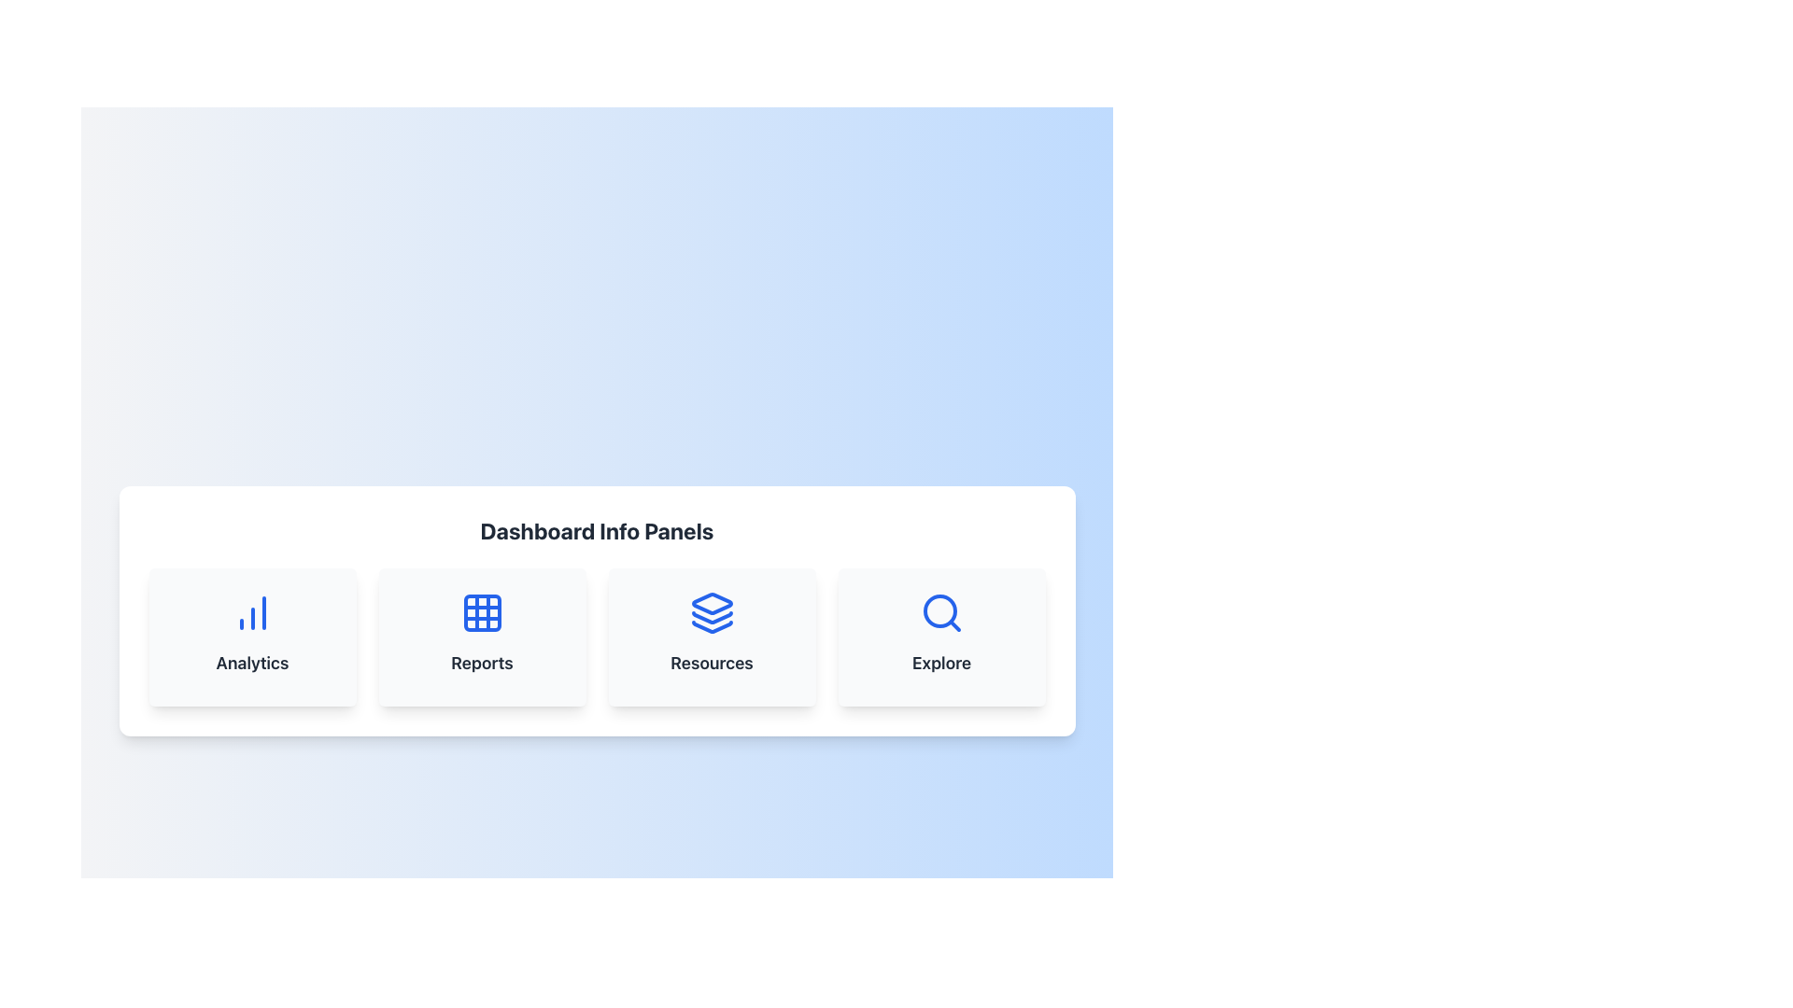 This screenshot has height=1008, width=1793. What do you see at coordinates (482, 612) in the screenshot?
I see `the grid icon above the text 'Reports' in the Dashboard Info Panels section` at bounding box center [482, 612].